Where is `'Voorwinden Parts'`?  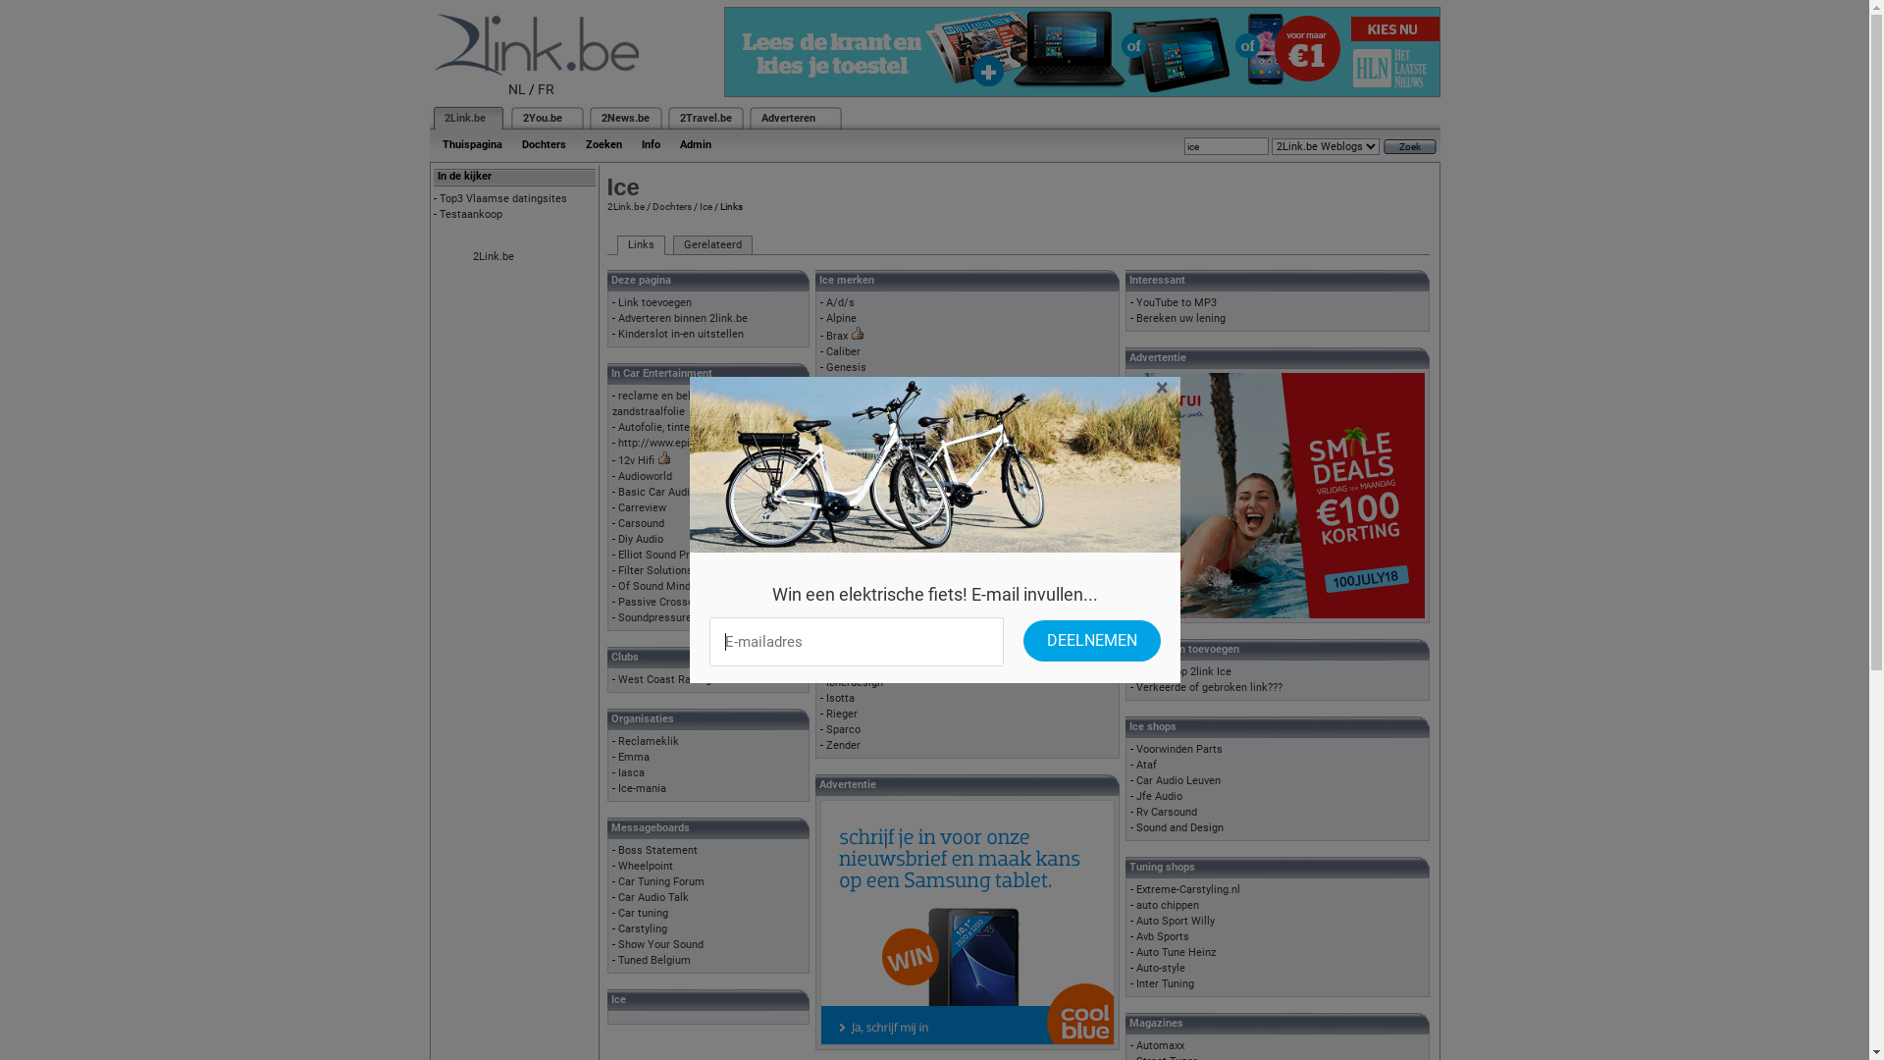 'Voorwinden Parts' is located at coordinates (1177, 749).